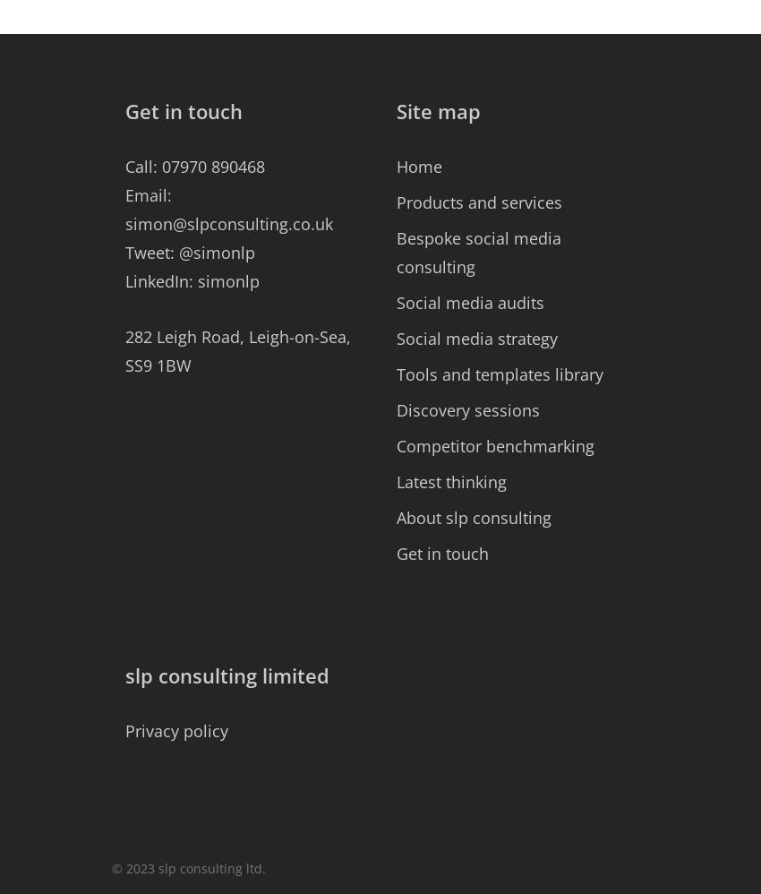 This screenshot has width=761, height=894. Describe the element at coordinates (469, 303) in the screenshot. I see `'Social media audits'` at that location.